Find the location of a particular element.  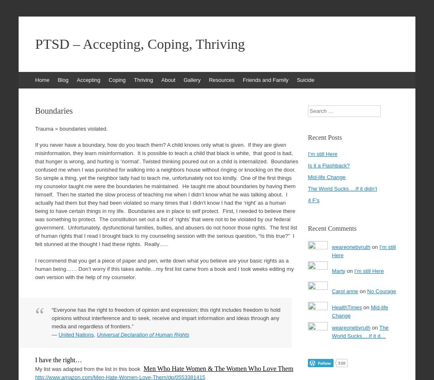

'My list was adapted from the list in this book' is located at coordinates (87, 368).